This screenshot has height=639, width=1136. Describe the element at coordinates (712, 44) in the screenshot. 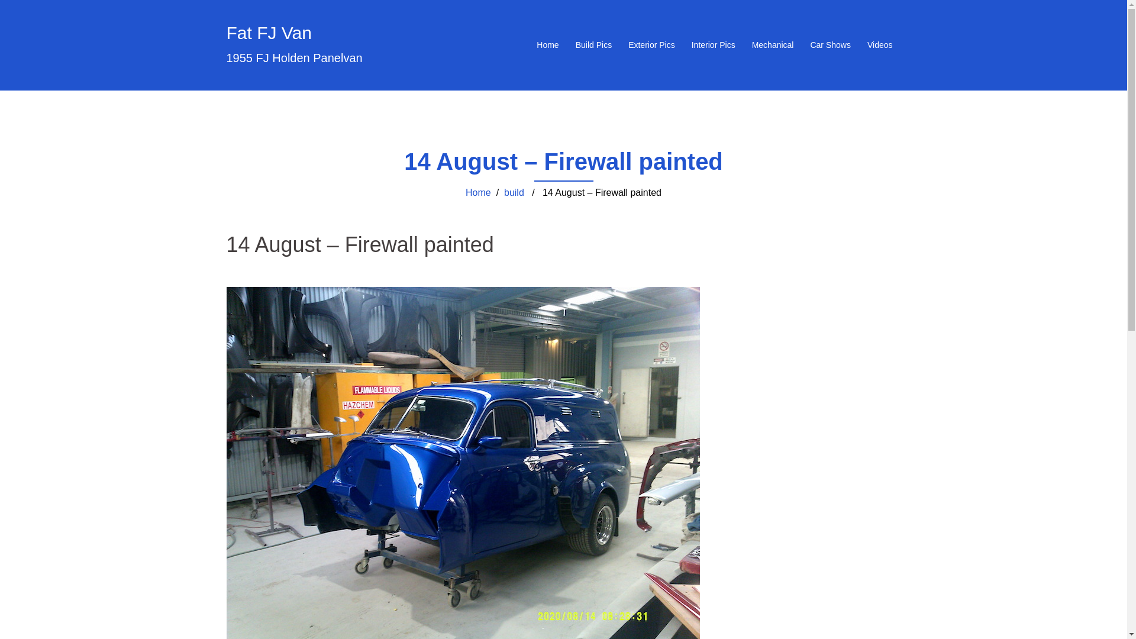

I see `'Interior Pics'` at that location.